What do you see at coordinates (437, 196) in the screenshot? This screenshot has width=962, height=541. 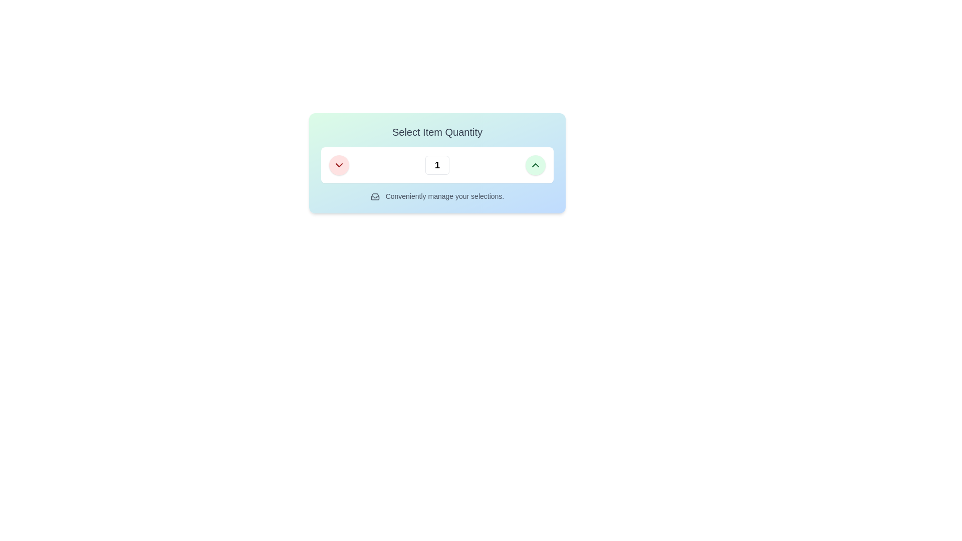 I see `the static text element that provides guiding information, located centrally below the quantity selector with a blue to green gradient background` at bounding box center [437, 196].